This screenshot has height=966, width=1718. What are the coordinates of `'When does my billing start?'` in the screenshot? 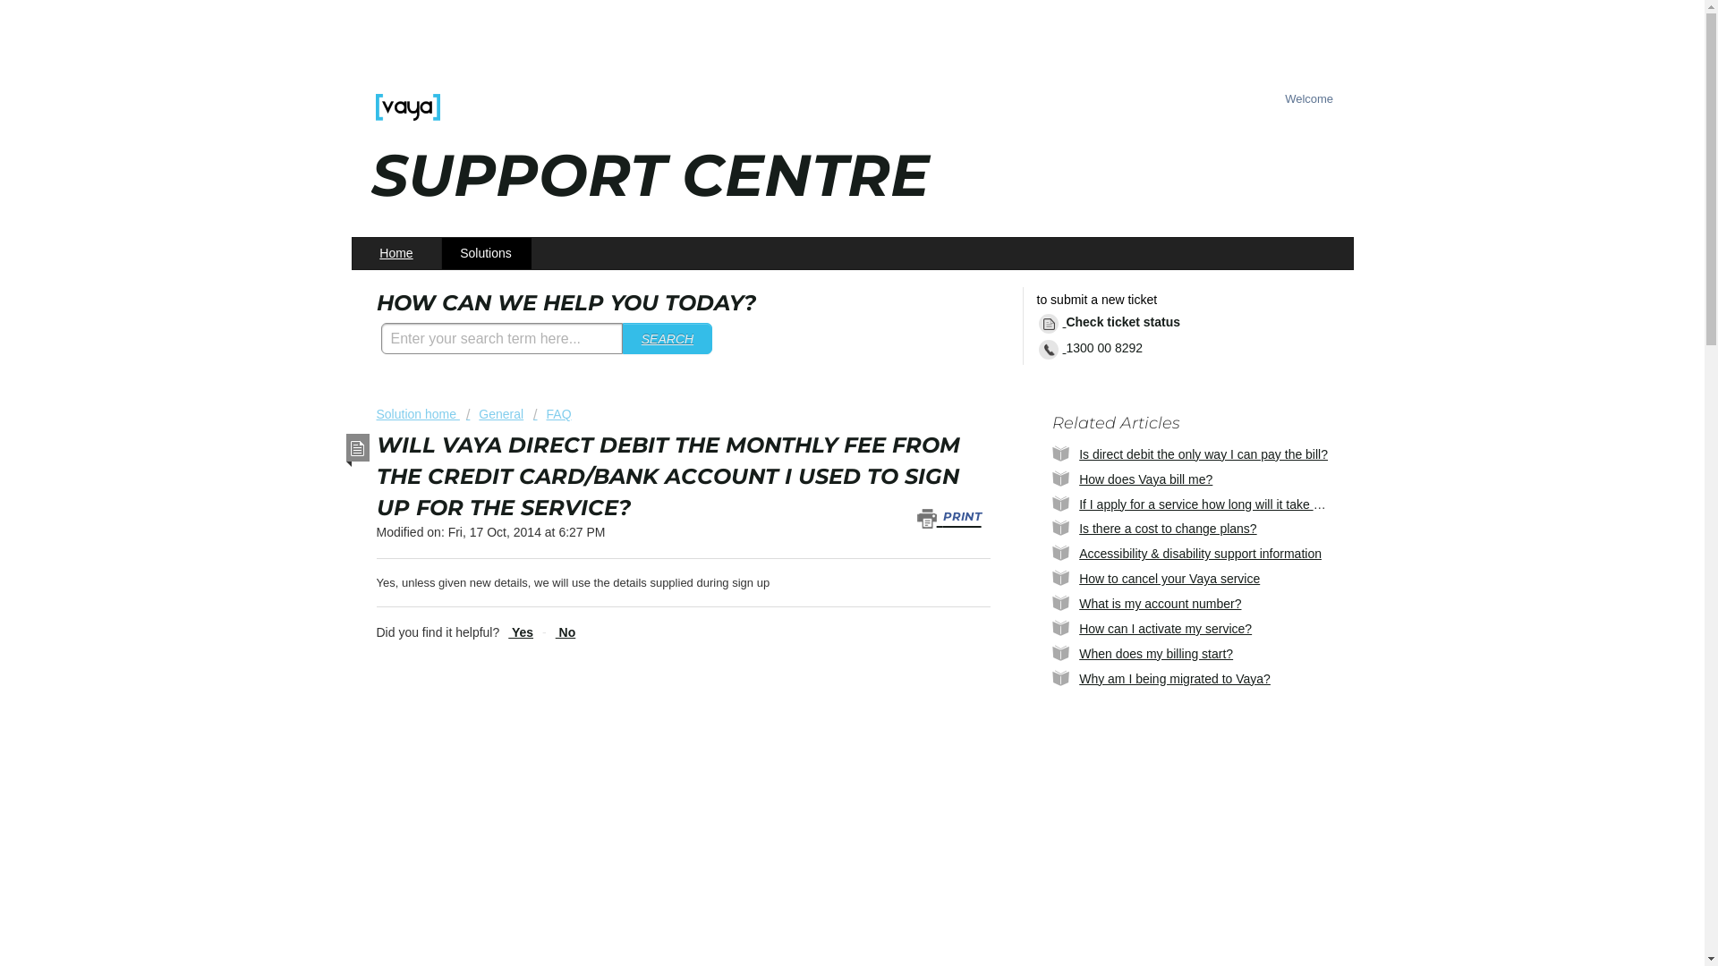 It's located at (1155, 654).